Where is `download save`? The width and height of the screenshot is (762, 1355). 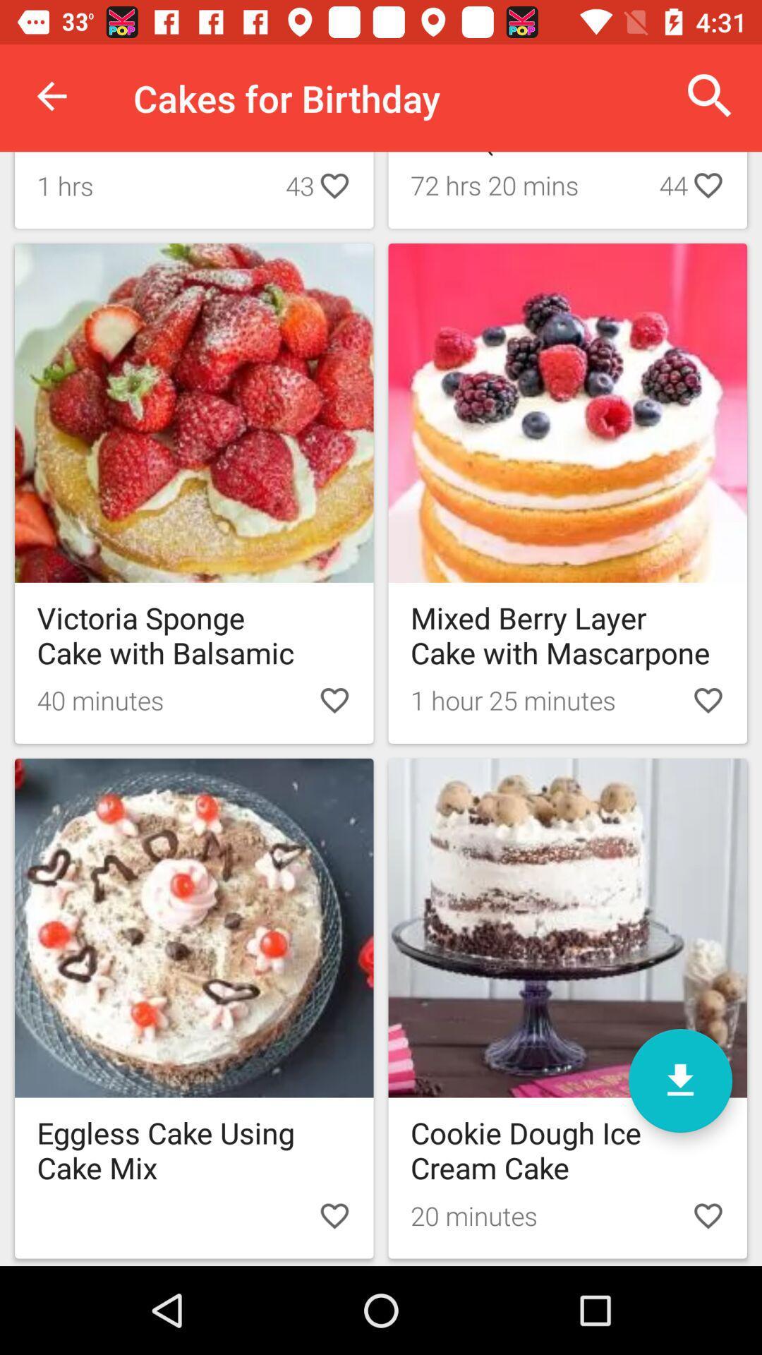
download save is located at coordinates (679, 1080).